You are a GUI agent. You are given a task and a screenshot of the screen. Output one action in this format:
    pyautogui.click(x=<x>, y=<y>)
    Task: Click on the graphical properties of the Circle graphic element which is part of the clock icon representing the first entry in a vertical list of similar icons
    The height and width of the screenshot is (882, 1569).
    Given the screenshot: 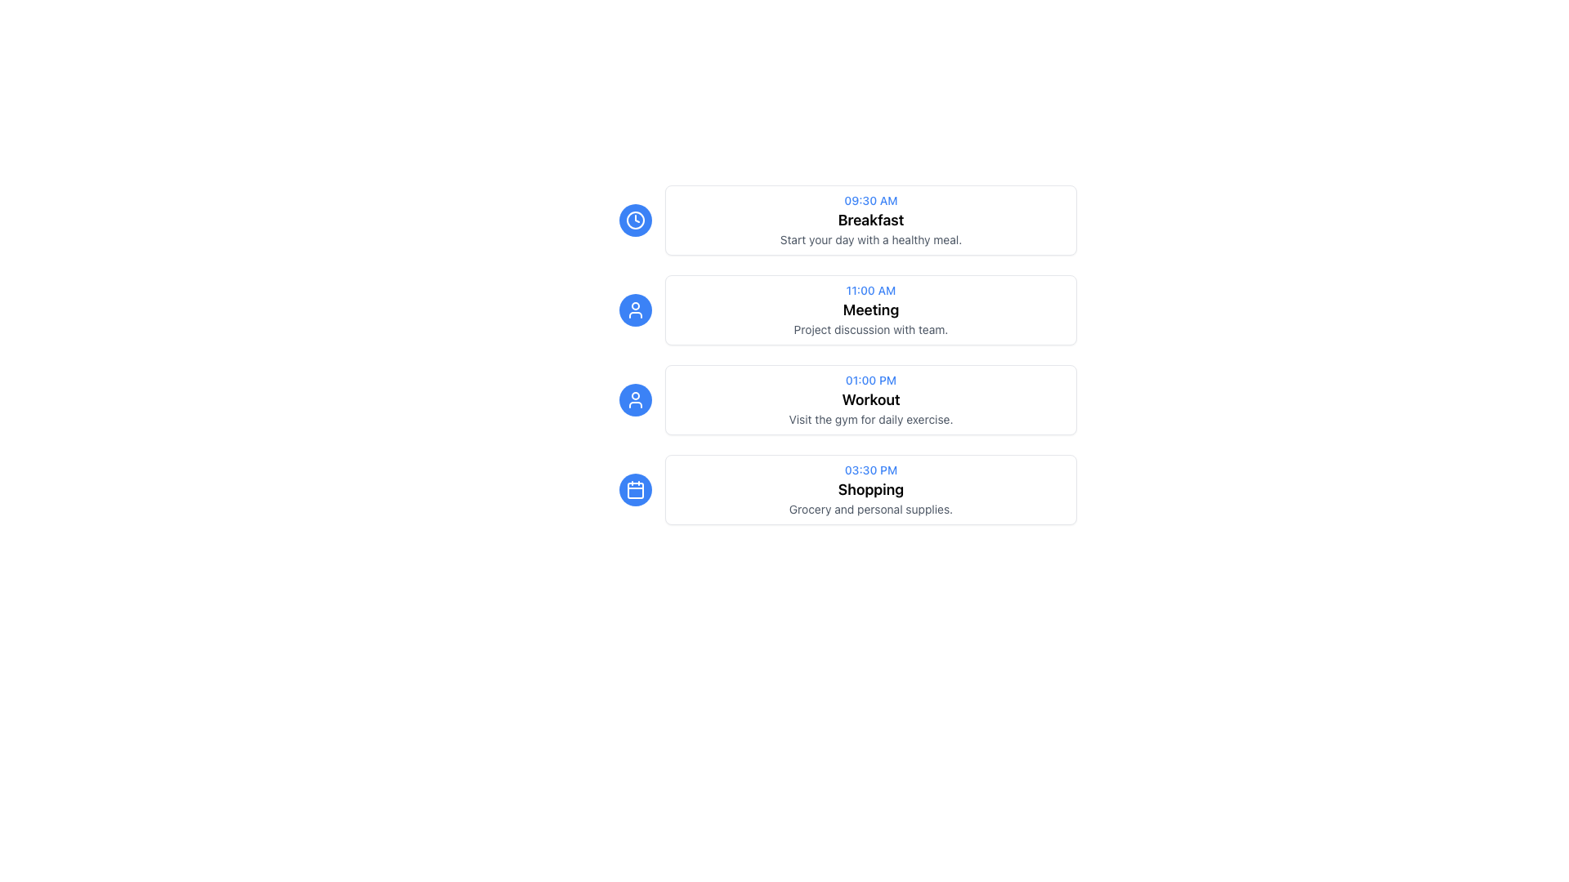 What is the action you would take?
    pyautogui.click(x=634, y=220)
    